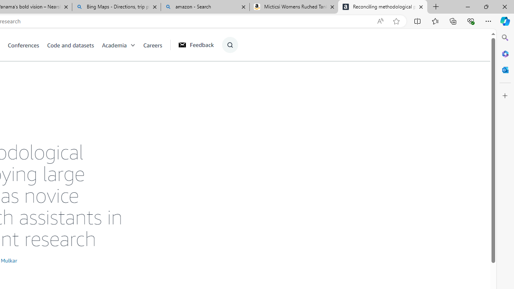 The height and width of the screenshot is (289, 514). Describe the element at coordinates (153, 45) in the screenshot. I see `'Careers'` at that location.